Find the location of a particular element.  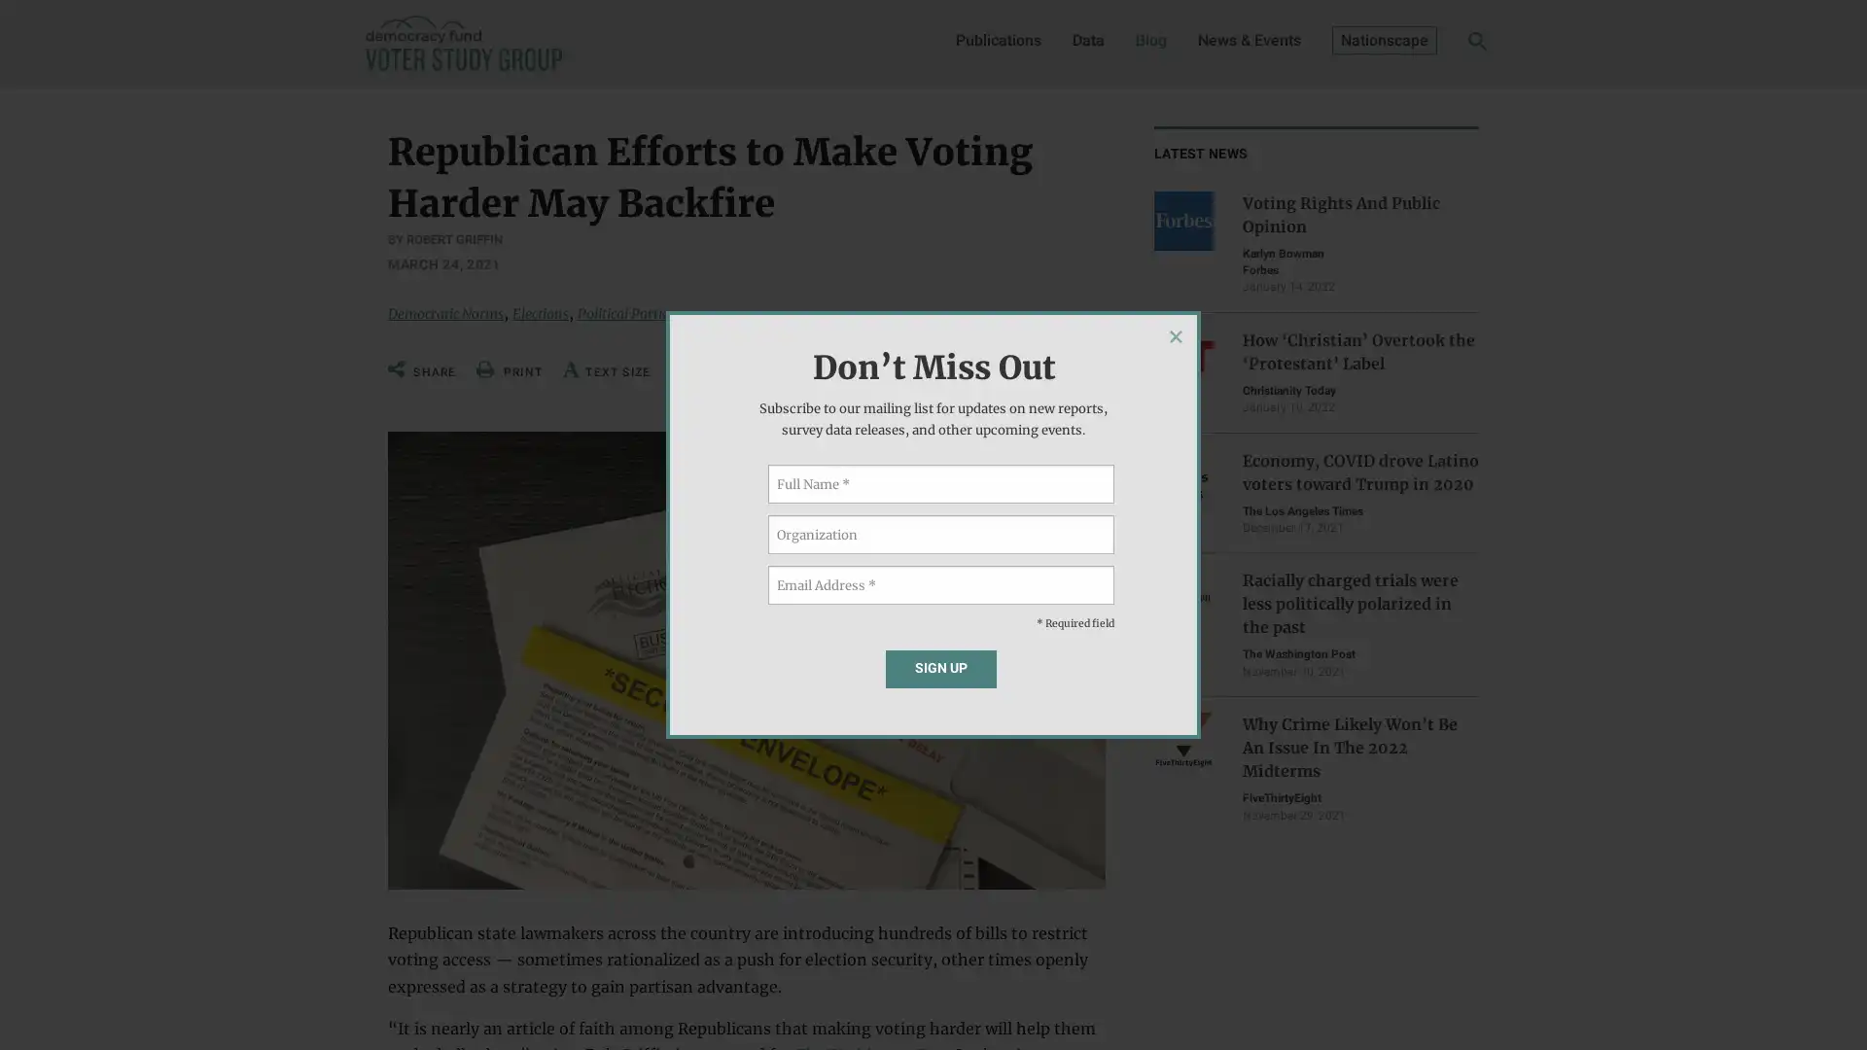

SEARCH is located at coordinates (1447, 45).